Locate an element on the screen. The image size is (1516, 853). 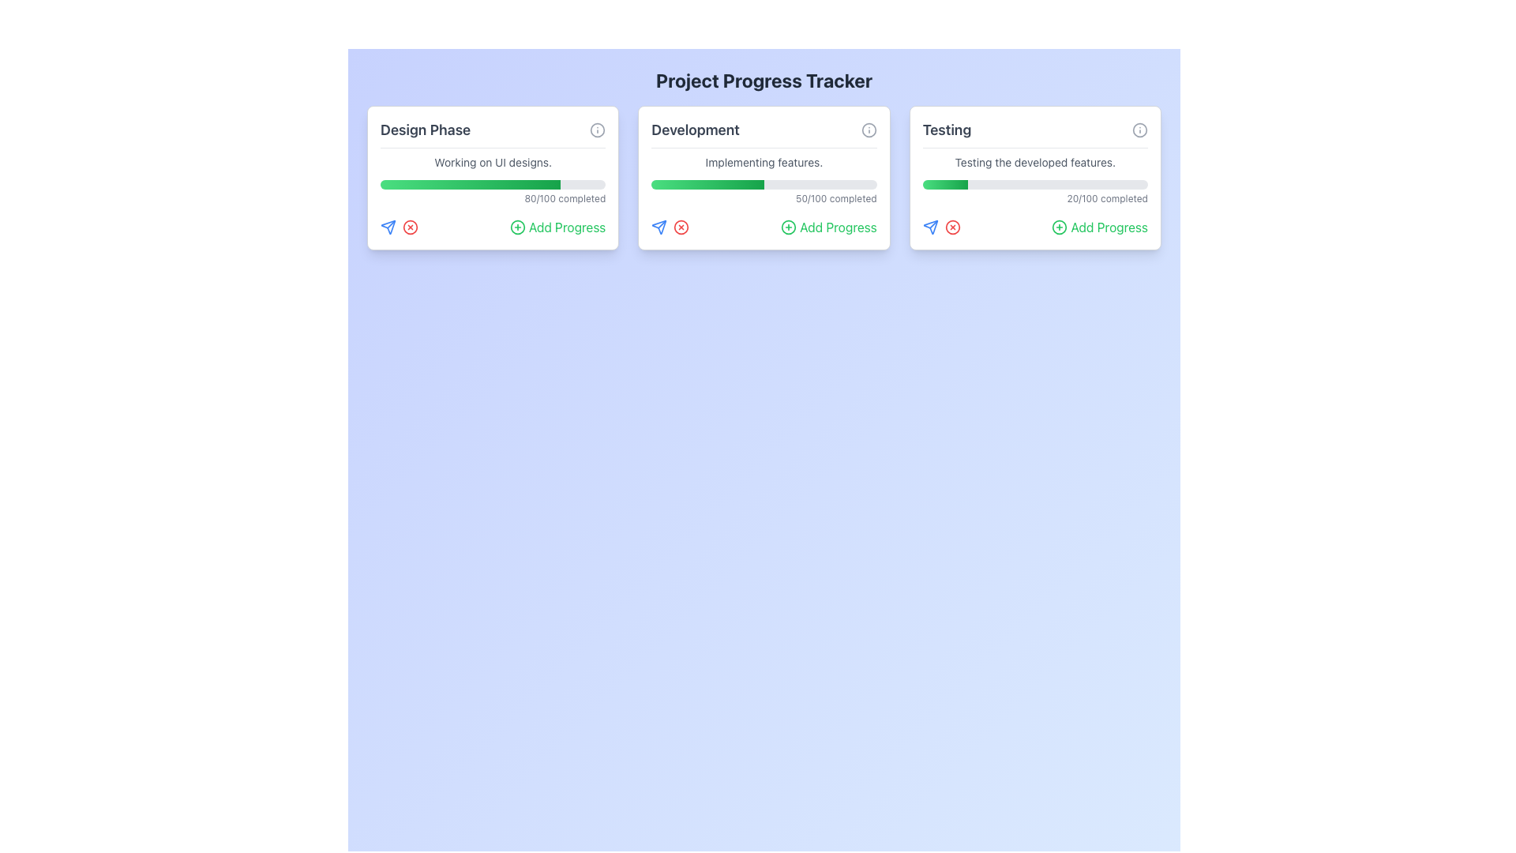
value represented by the progress bar, which is a horizontal bar indicating 80% completion, located within the 'Design Phase' card below 'Working on UI designs.' is located at coordinates (492, 184).